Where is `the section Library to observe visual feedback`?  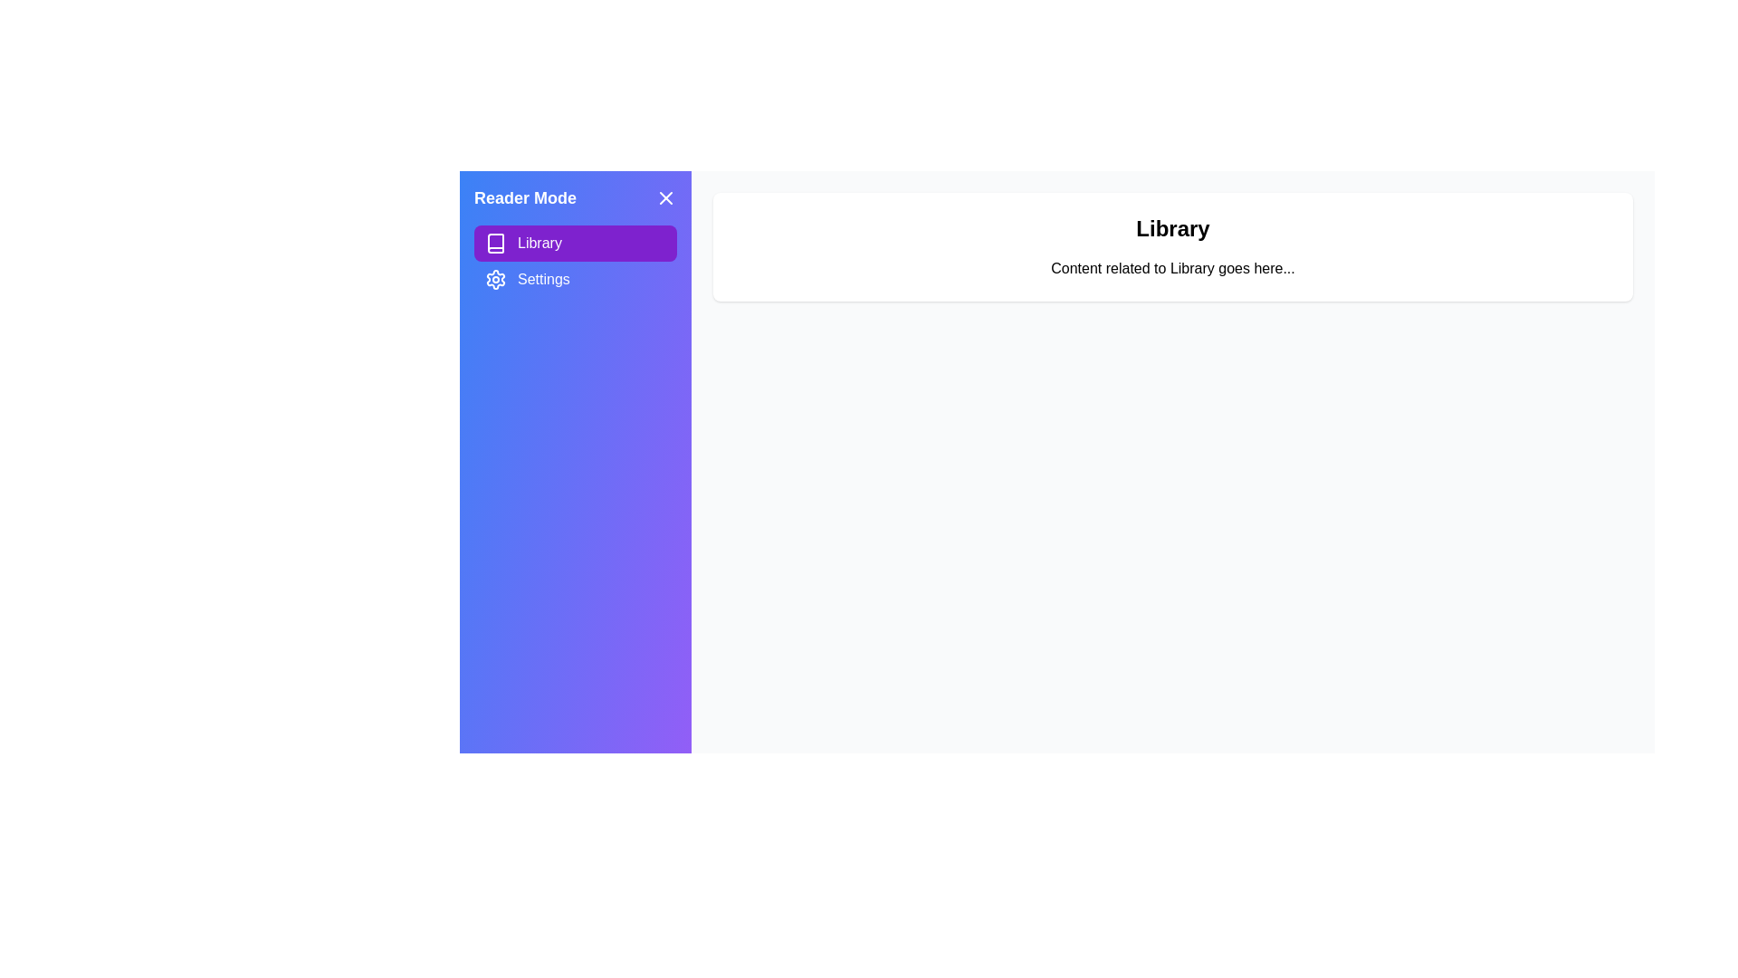 the section Library to observe visual feedback is located at coordinates (574, 243).